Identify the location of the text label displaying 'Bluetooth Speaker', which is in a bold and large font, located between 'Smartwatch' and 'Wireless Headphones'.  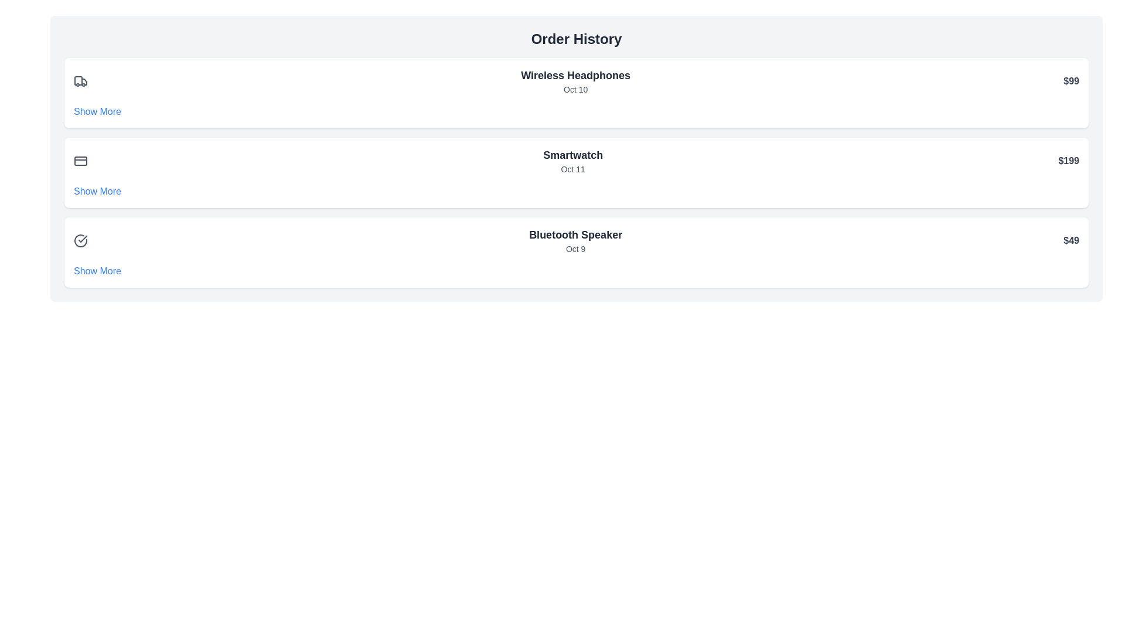
(575, 235).